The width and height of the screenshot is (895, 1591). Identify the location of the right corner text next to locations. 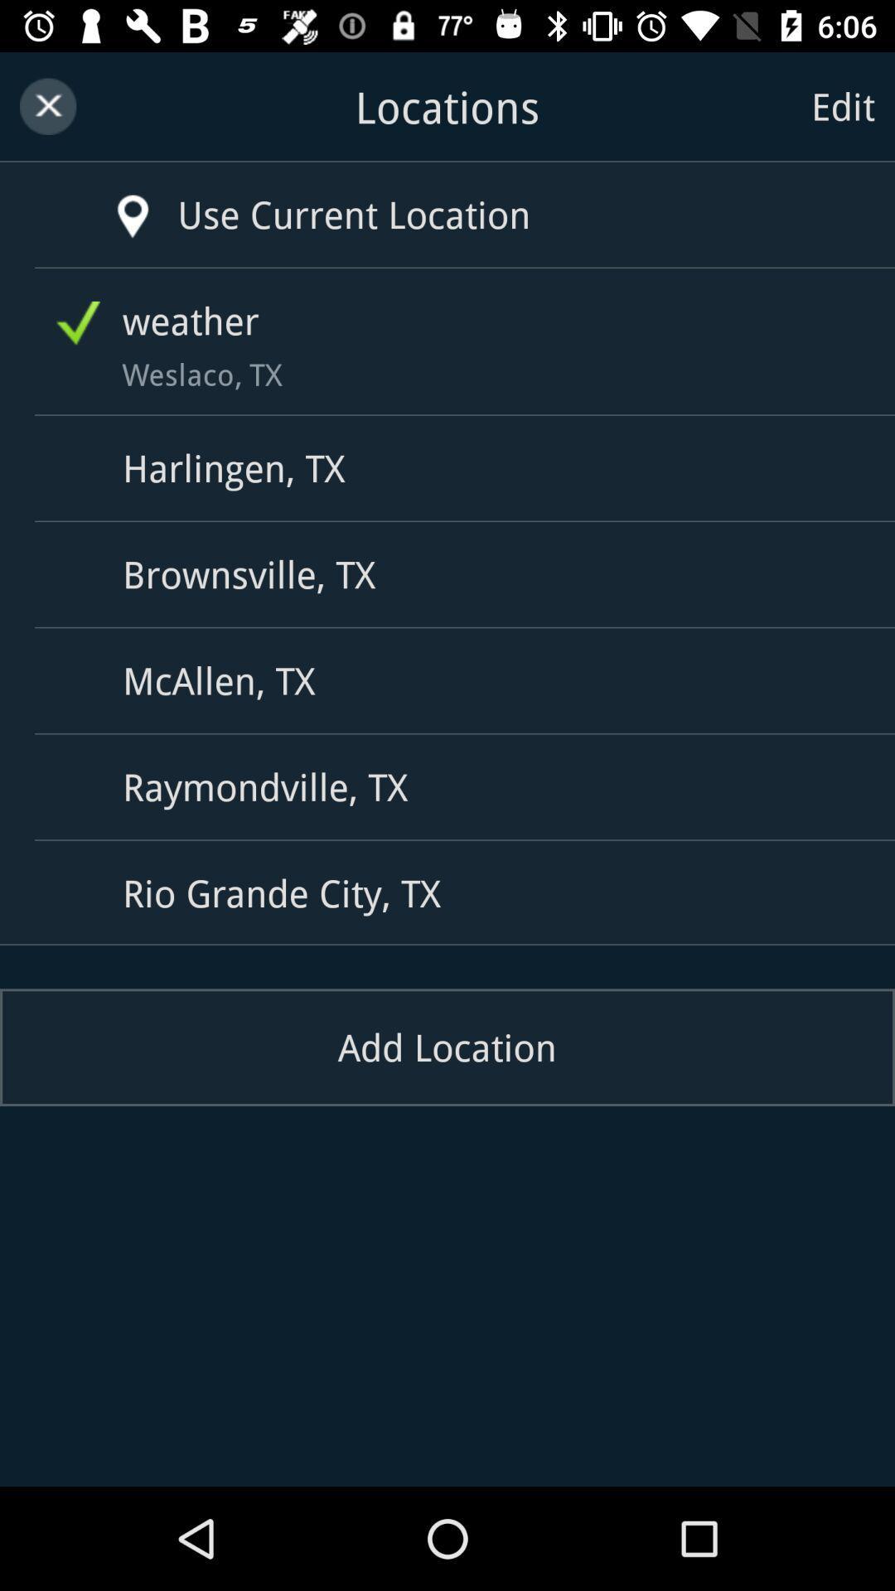
(843, 105).